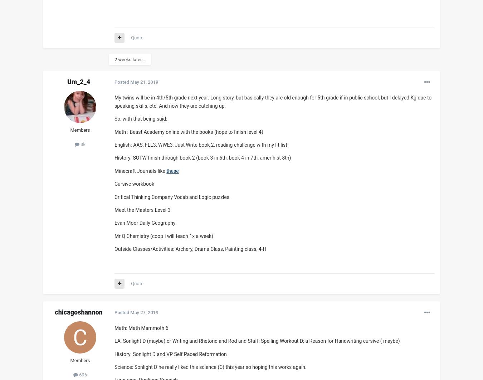  Describe the element at coordinates (190, 249) in the screenshot. I see `'Outside Classes/Activities: Archery, Drama Class, Painting class, 4-H'` at that location.